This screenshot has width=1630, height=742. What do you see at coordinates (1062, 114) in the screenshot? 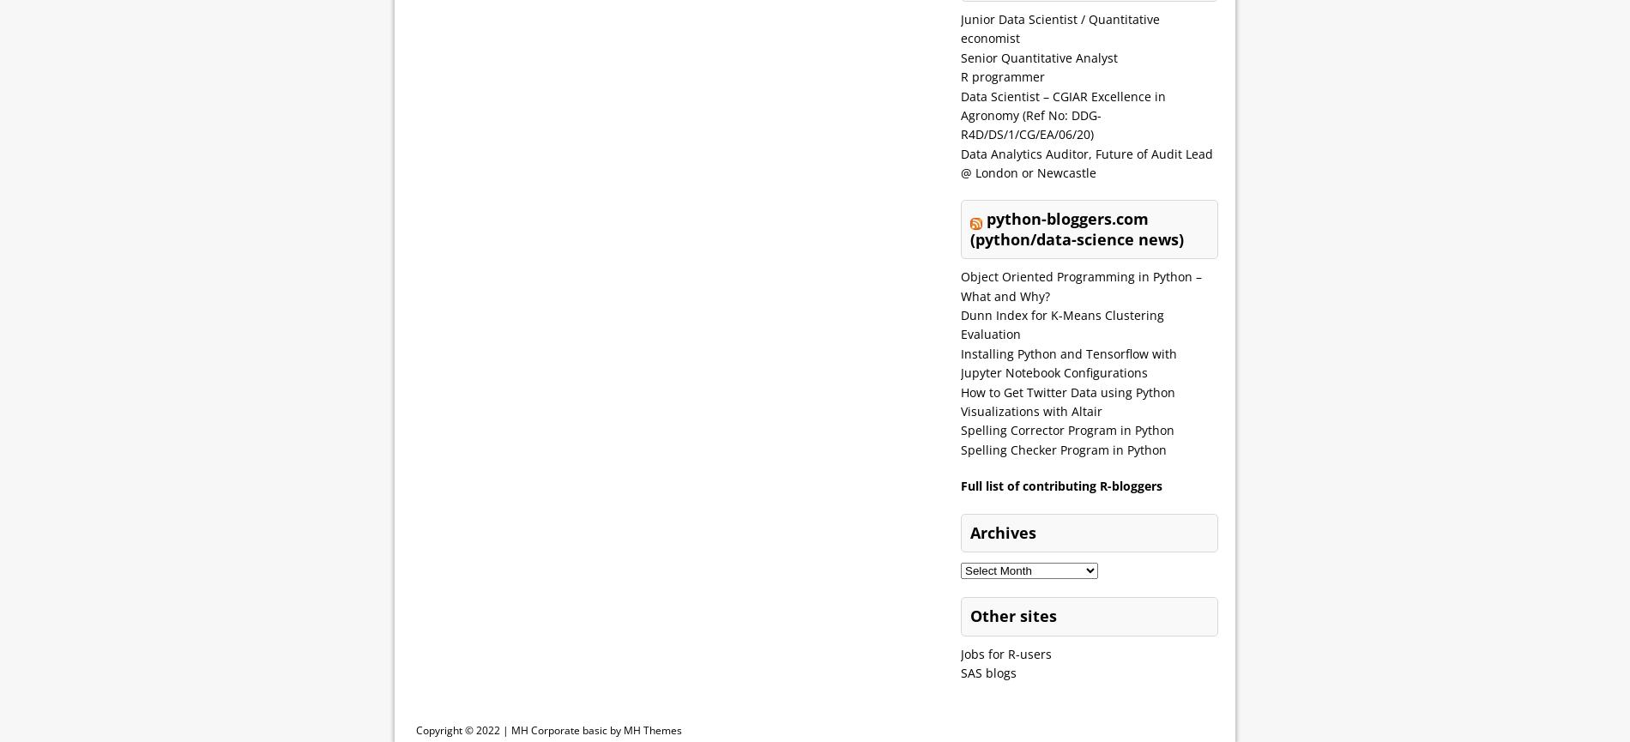
I see `'Data Scientist – CGIAR Excellence in Agronomy (Ref No: DDG-R4D/DS/1/CG/EA/06/20)'` at bounding box center [1062, 114].